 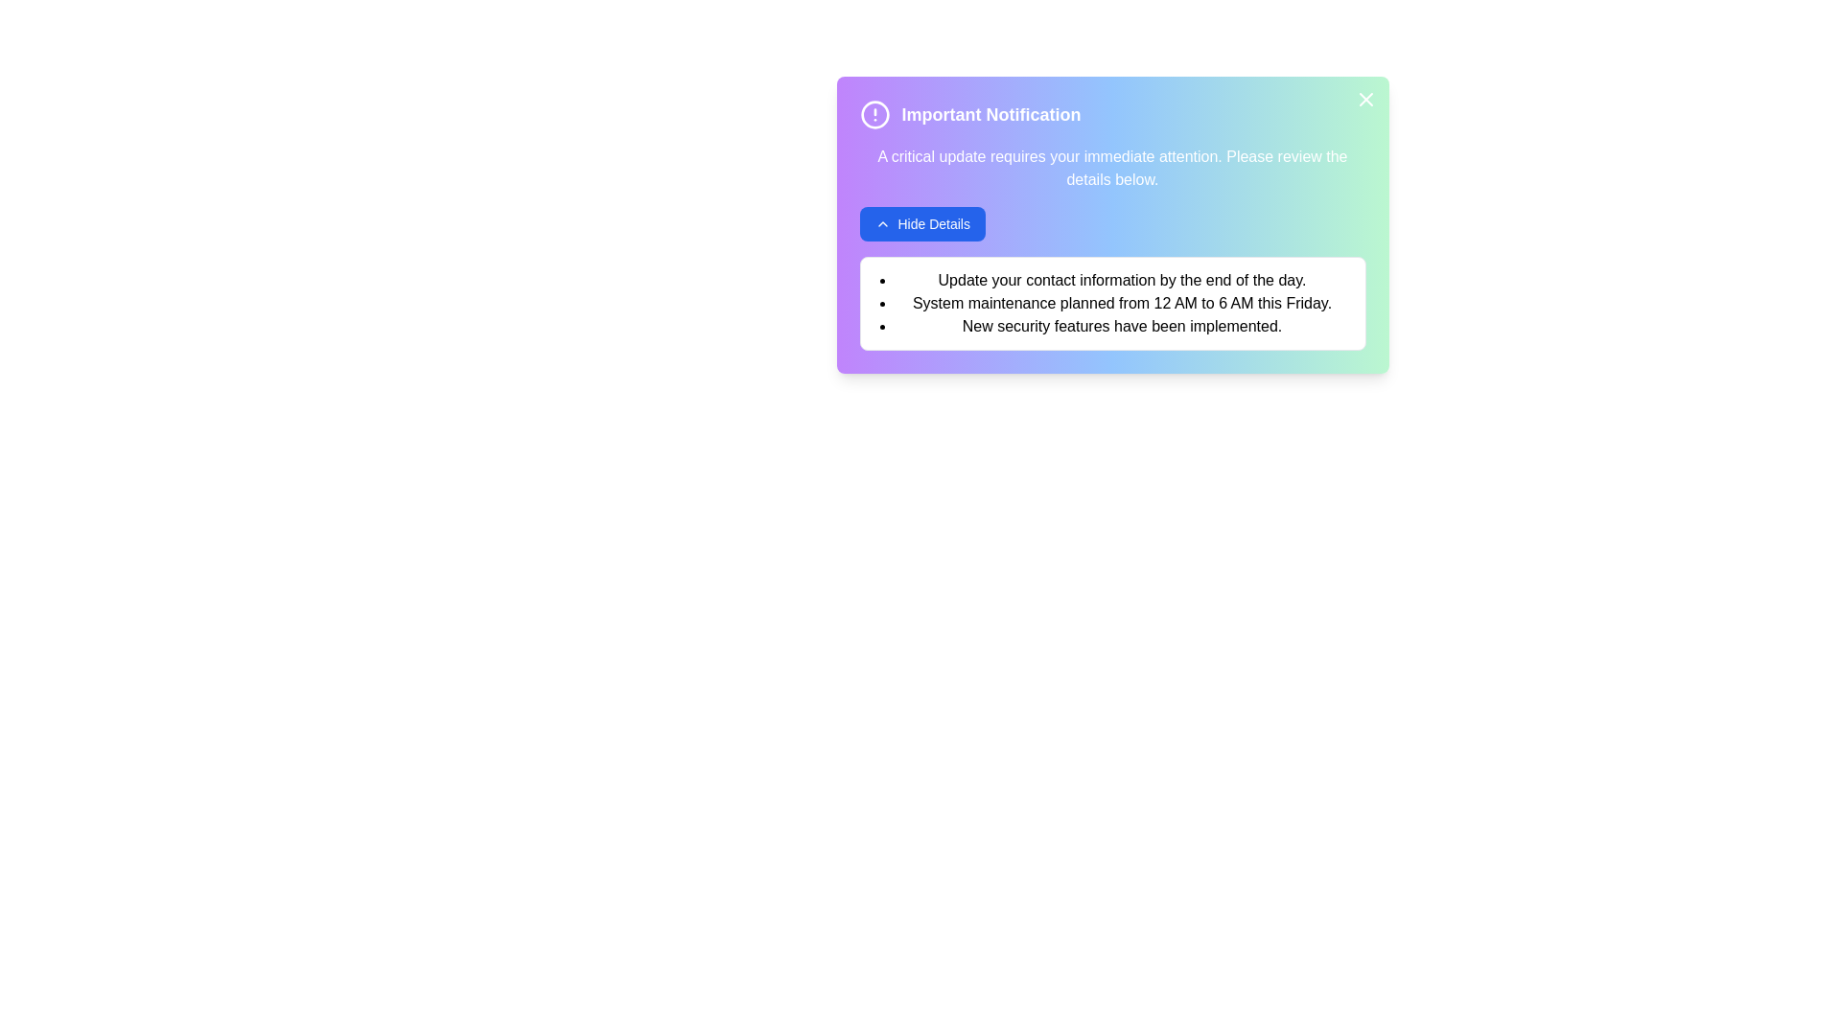 I want to click on the close button to dismiss the notification, so click(x=1364, y=100).